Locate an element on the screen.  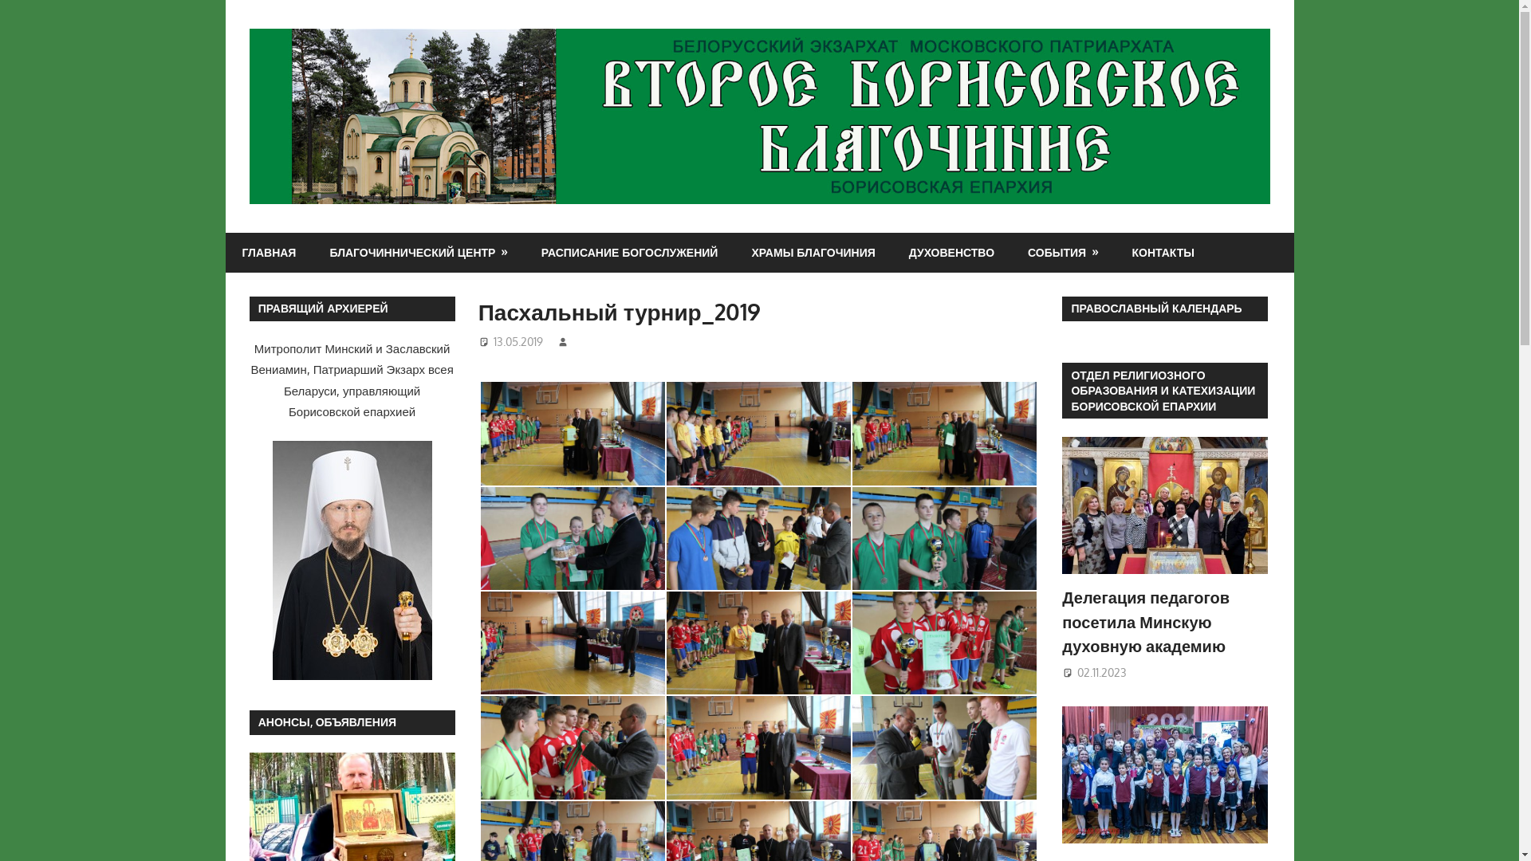
'02.11.2023' is located at coordinates (1101, 672).